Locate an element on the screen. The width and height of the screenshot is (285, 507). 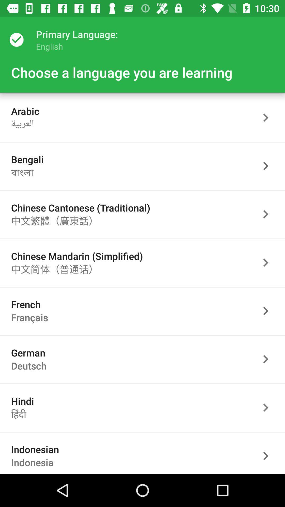
click on chinese mandarin simplified is located at coordinates (268, 262).